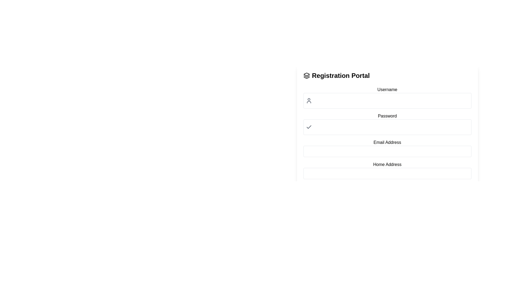 This screenshot has height=291, width=517. What do you see at coordinates (387, 164) in the screenshot?
I see `text displayed on the 'Home Address' label, which serves as a guide for the corresponding input field below it` at bounding box center [387, 164].